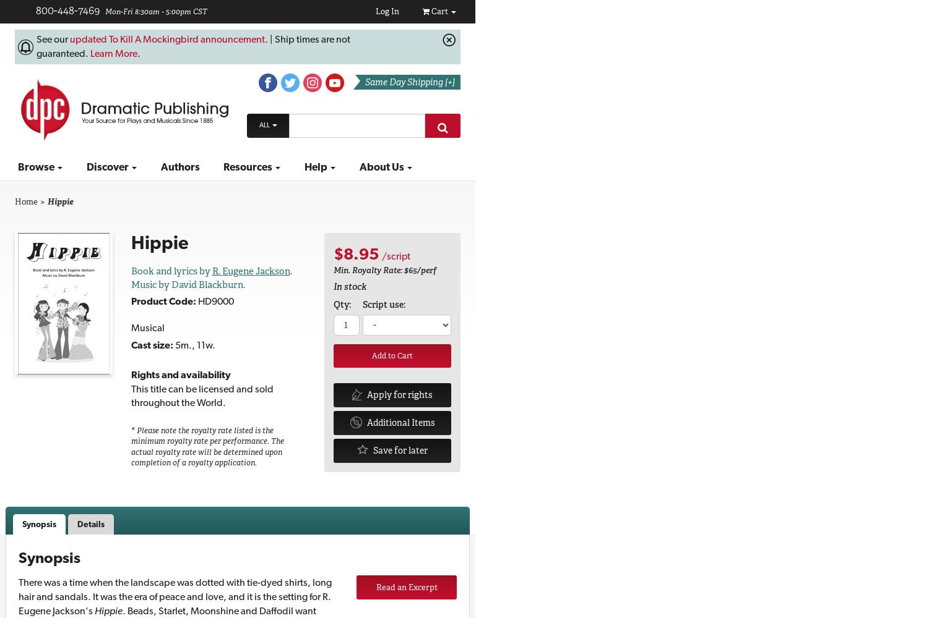 The width and height of the screenshot is (934, 618). Describe the element at coordinates (179, 373) in the screenshot. I see `'Rights and availability'` at that location.